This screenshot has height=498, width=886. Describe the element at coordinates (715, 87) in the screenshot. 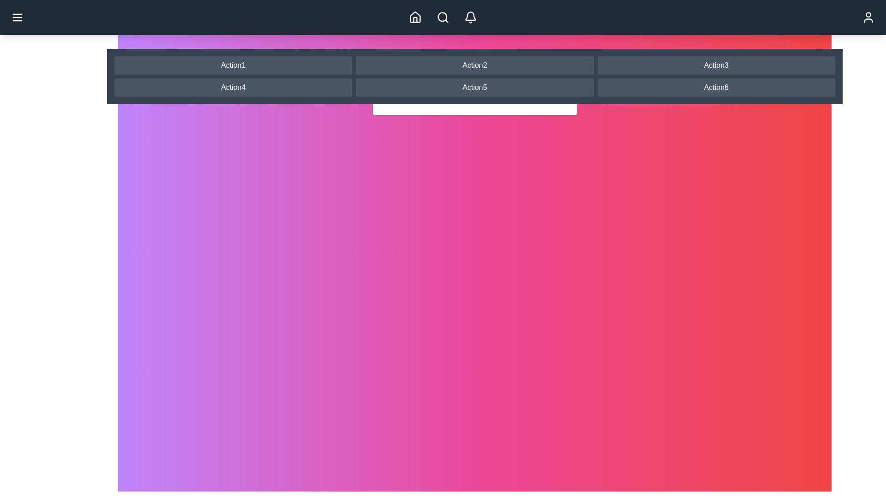

I see `the navigation button labeled Action6` at that location.